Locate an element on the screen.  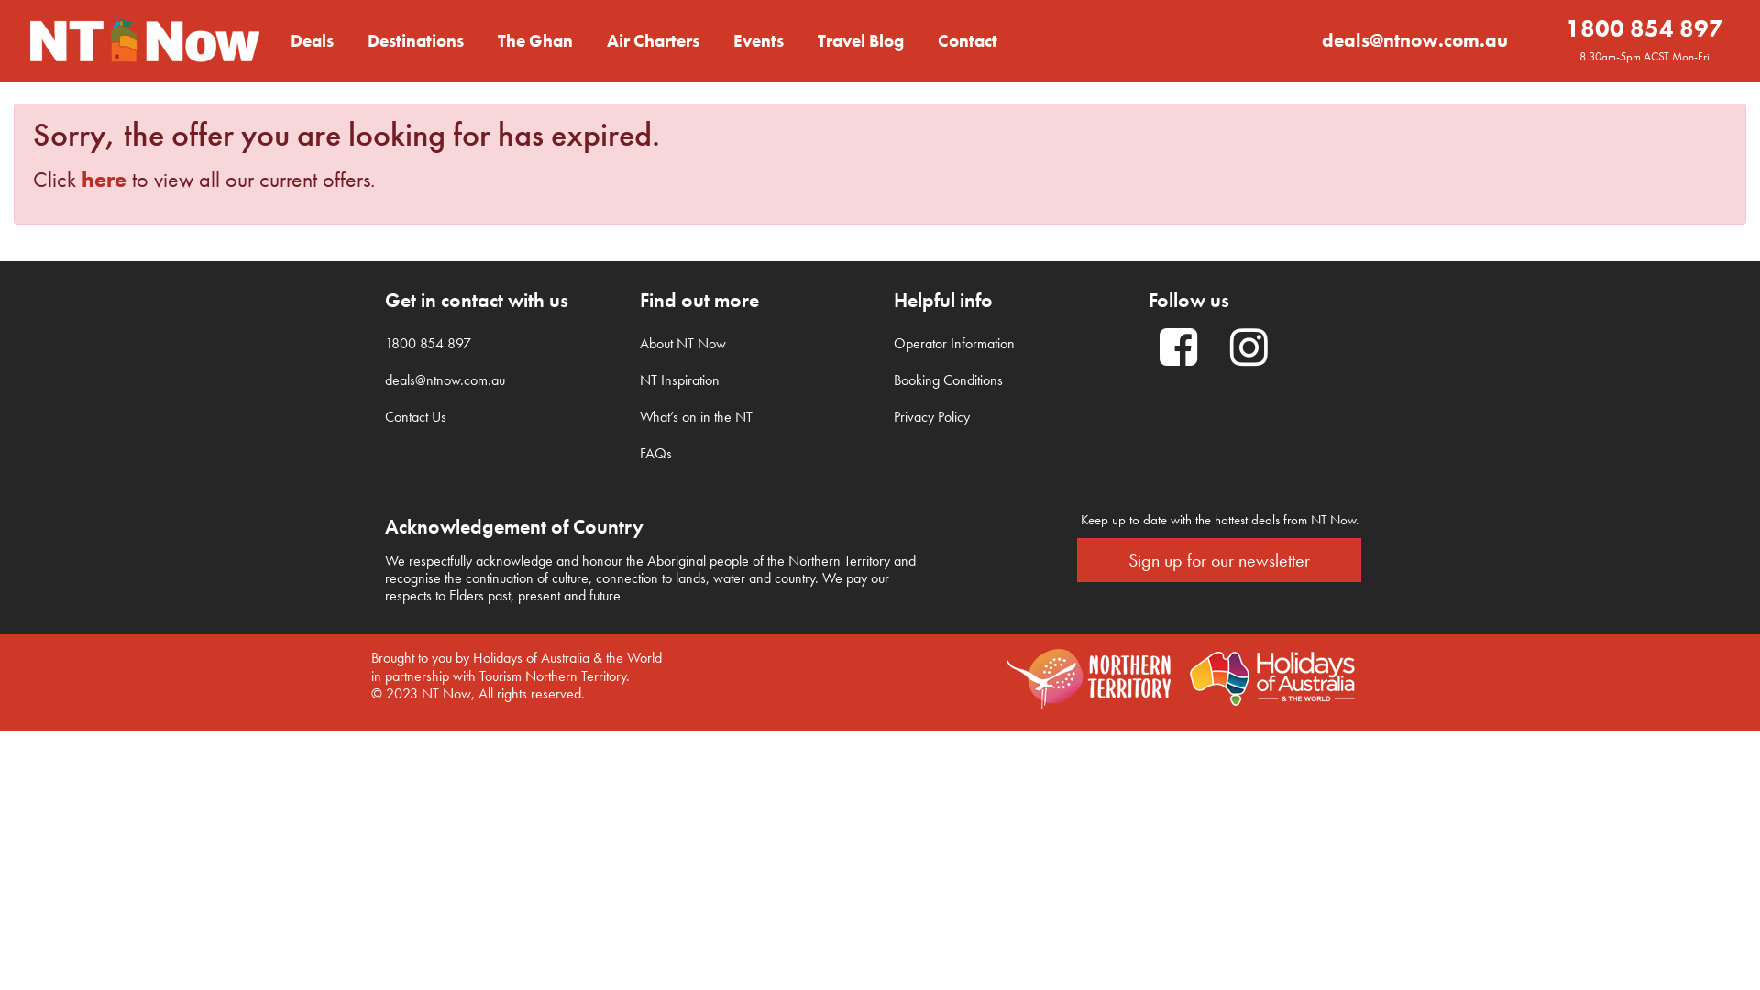
'Booking Conditions' is located at coordinates (948, 379).